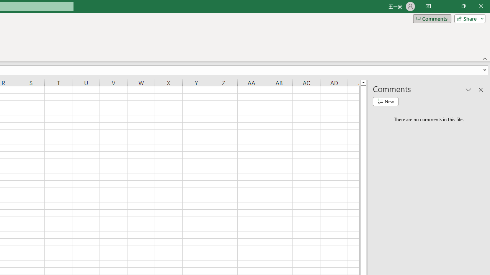 The image size is (490, 275). What do you see at coordinates (428, 6) in the screenshot?
I see `'Ribbon Display Options'` at bounding box center [428, 6].